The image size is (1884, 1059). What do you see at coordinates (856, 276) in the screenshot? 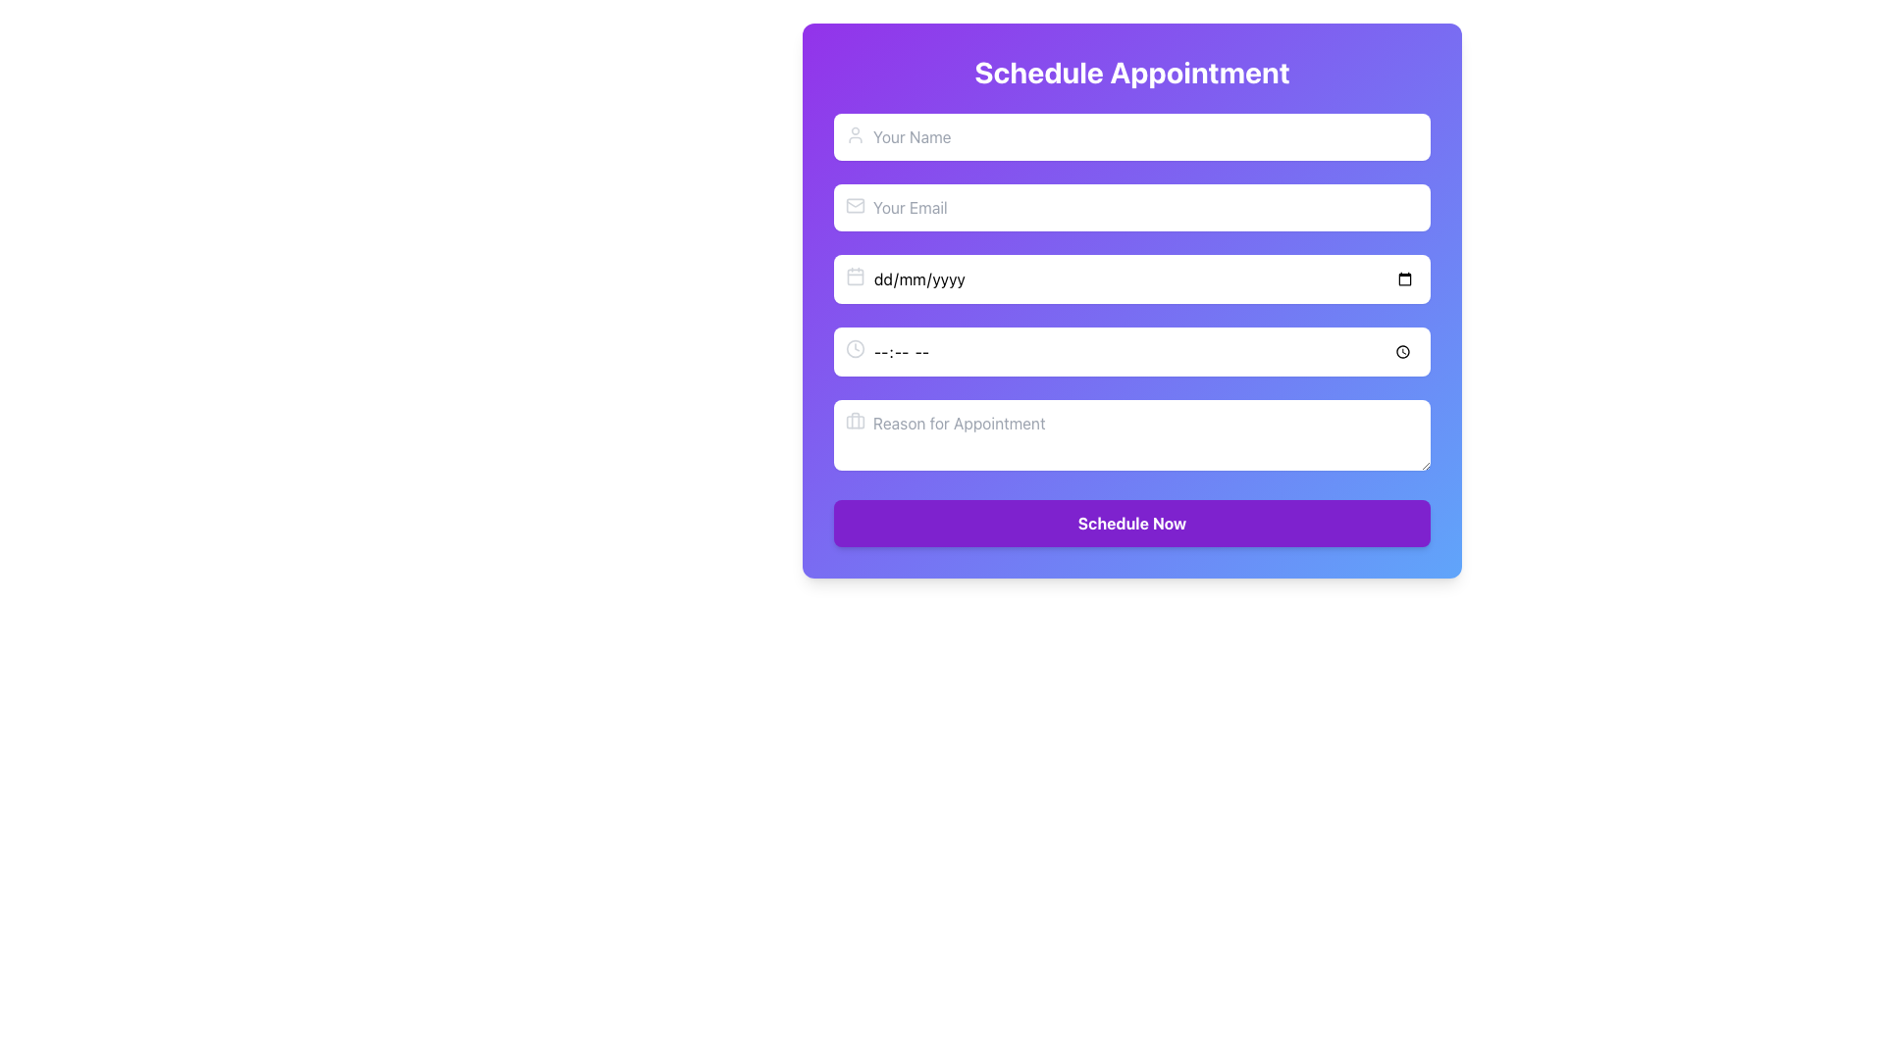
I see `the date selection icon located within the 'Date' input field to bring up the date-picker dialog` at bounding box center [856, 276].